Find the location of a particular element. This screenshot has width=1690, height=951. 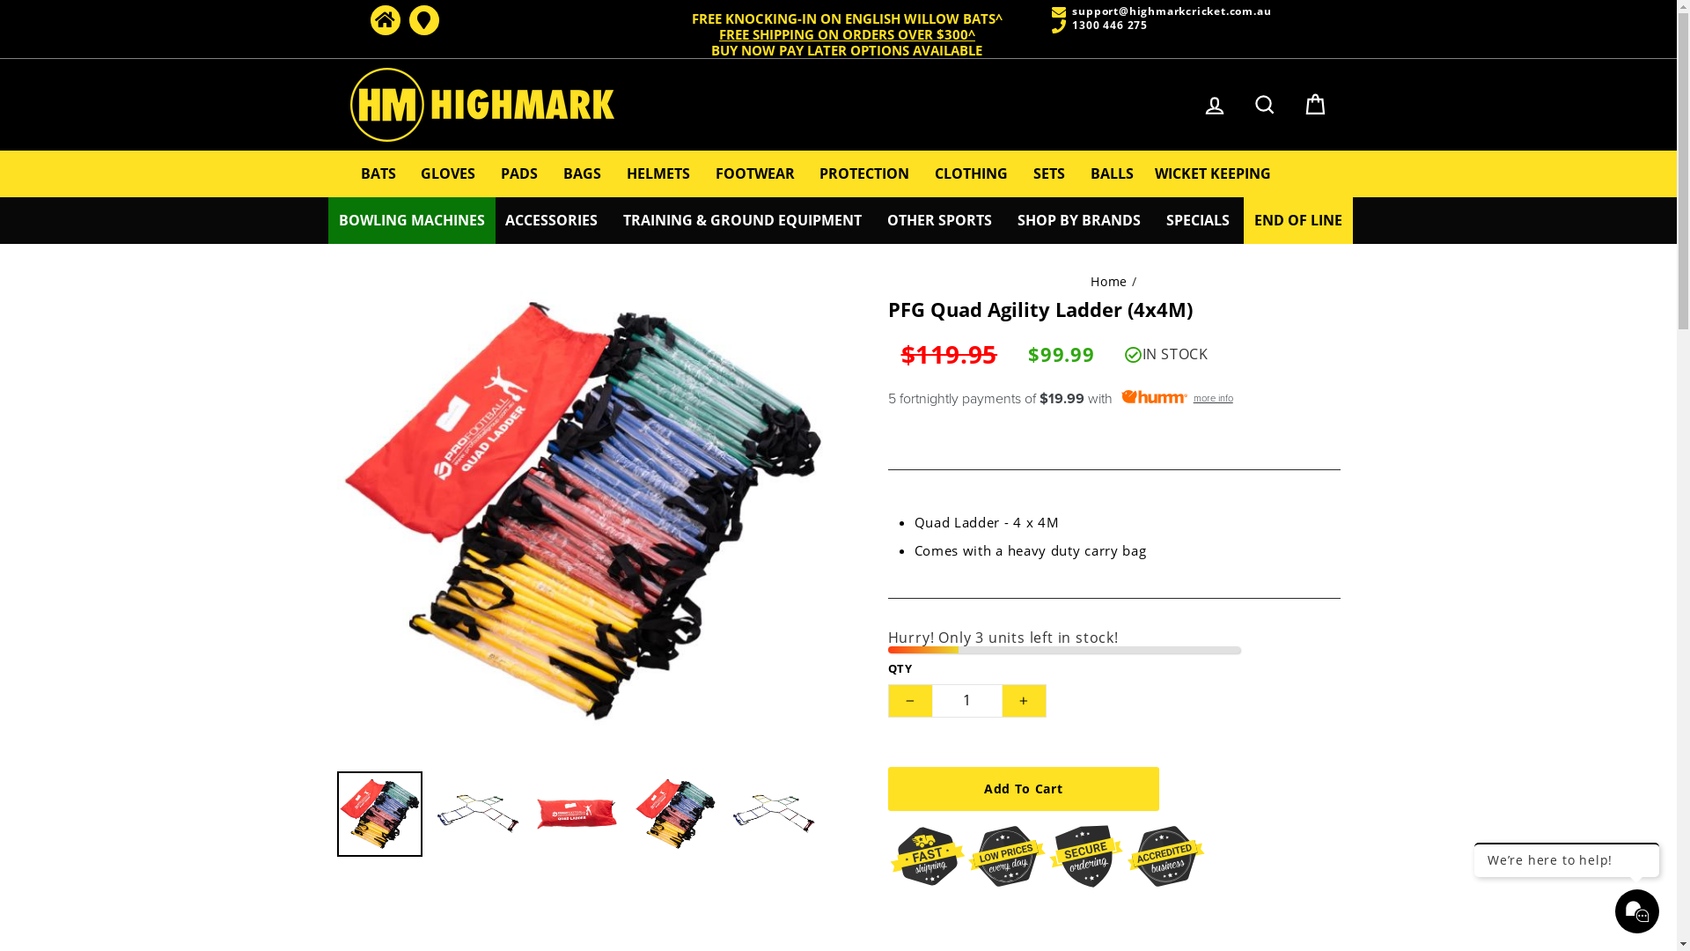

'SETS' is located at coordinates (1048, 173).